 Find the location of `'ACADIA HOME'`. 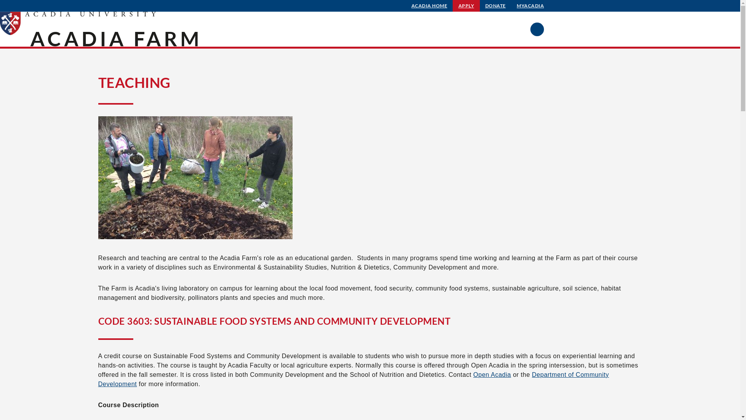

'ACADIA HOME' is located at coordinates (429, 6).